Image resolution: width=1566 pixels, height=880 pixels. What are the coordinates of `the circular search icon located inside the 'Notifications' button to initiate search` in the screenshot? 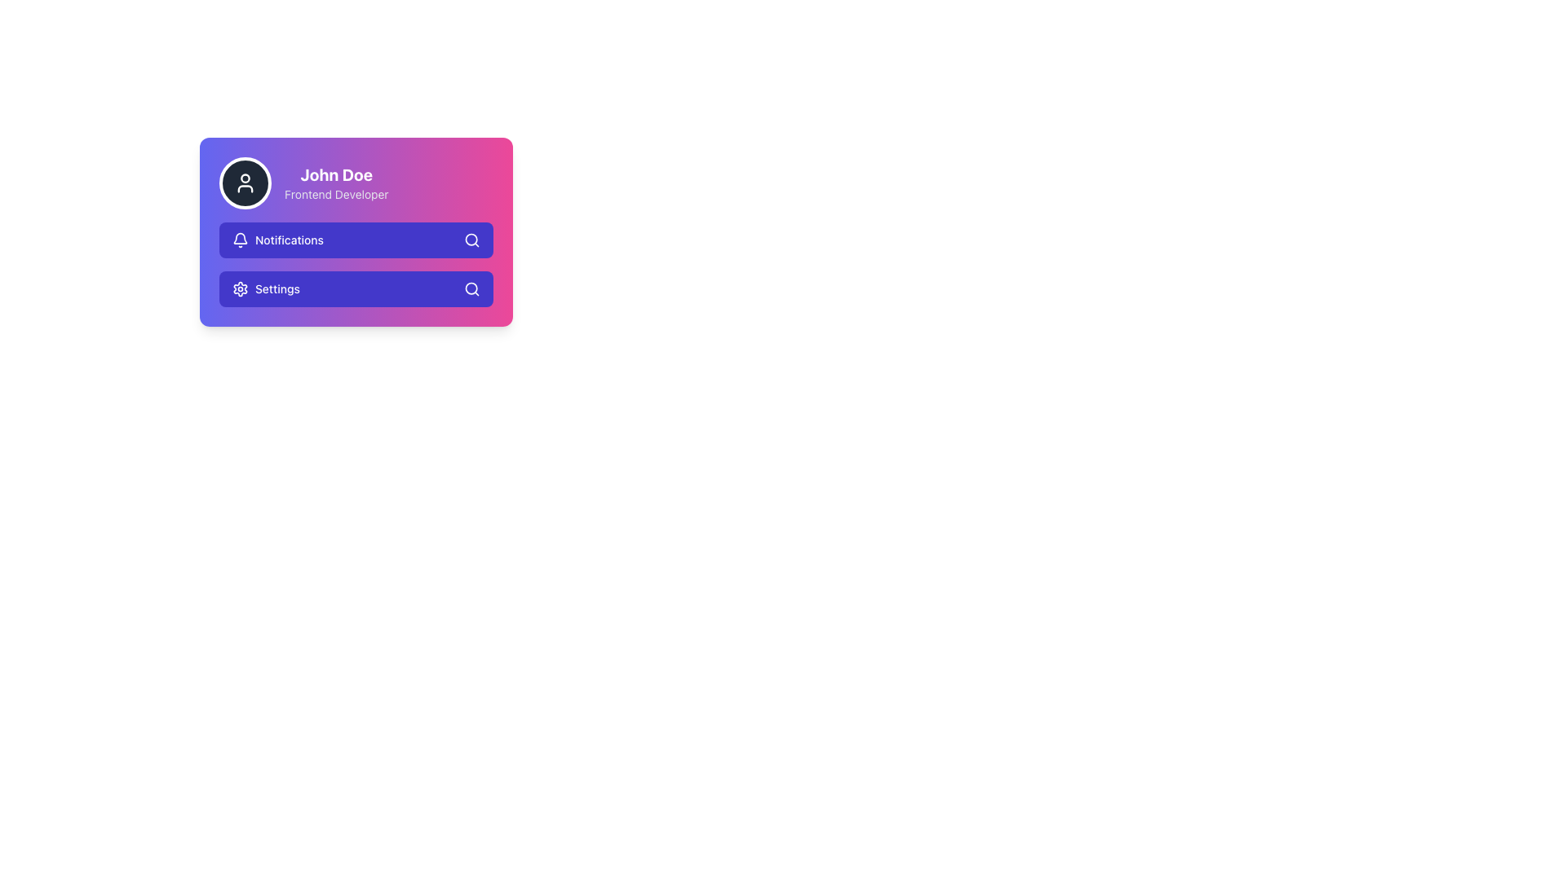 It's located at (471, 240).